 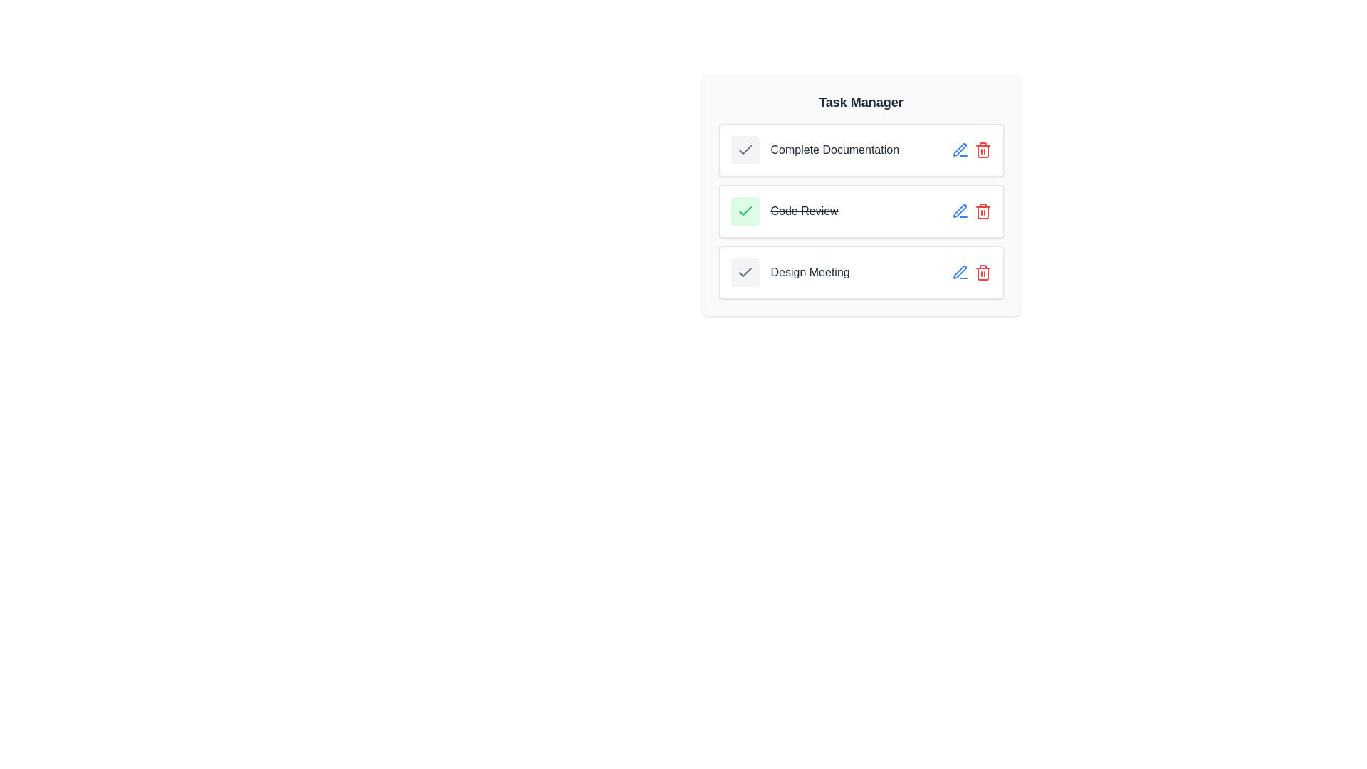 I want to click on the completed task text label with strikethrough styling located under the 'Task Manager' section, positioned to the right of the green check icon, so click(x=784, y=211).